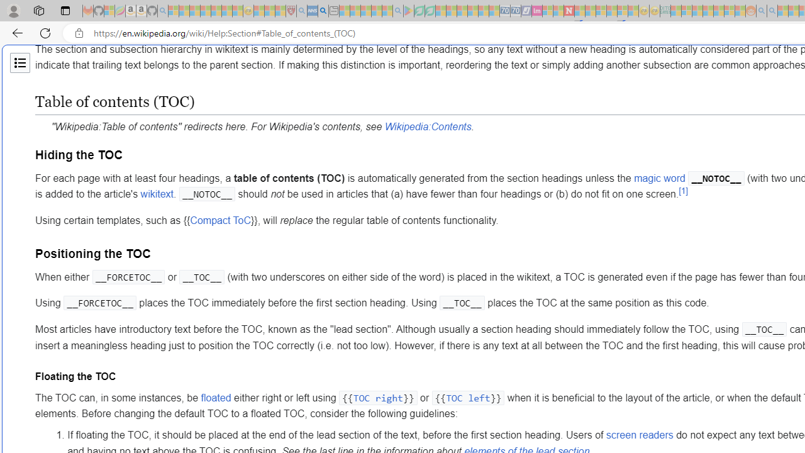 This screenshot has height=453, width=805. What do you see at coordinates (428, 126) in the screenshot?
I see `'Wikipedia:Contents'` at bounding box center [428, 126].